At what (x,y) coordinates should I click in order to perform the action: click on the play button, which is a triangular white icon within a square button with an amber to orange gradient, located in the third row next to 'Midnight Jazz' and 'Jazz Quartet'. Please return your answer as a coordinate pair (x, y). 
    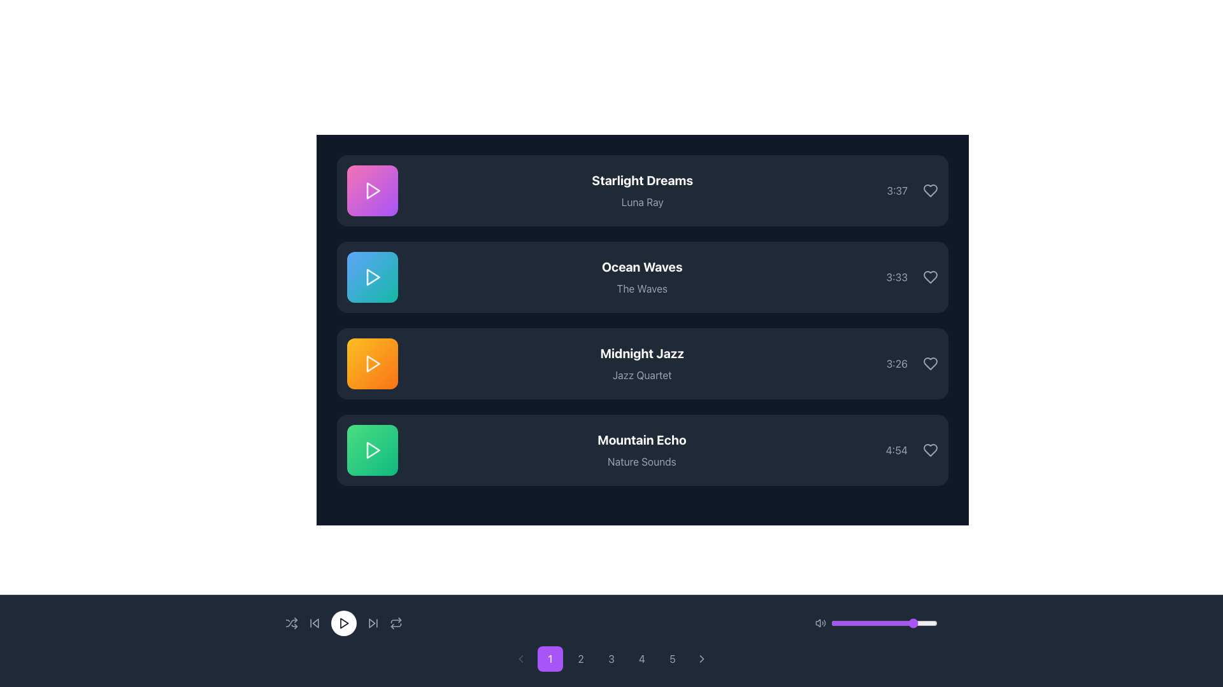
    Looking at the image, I should click on (372, 363).